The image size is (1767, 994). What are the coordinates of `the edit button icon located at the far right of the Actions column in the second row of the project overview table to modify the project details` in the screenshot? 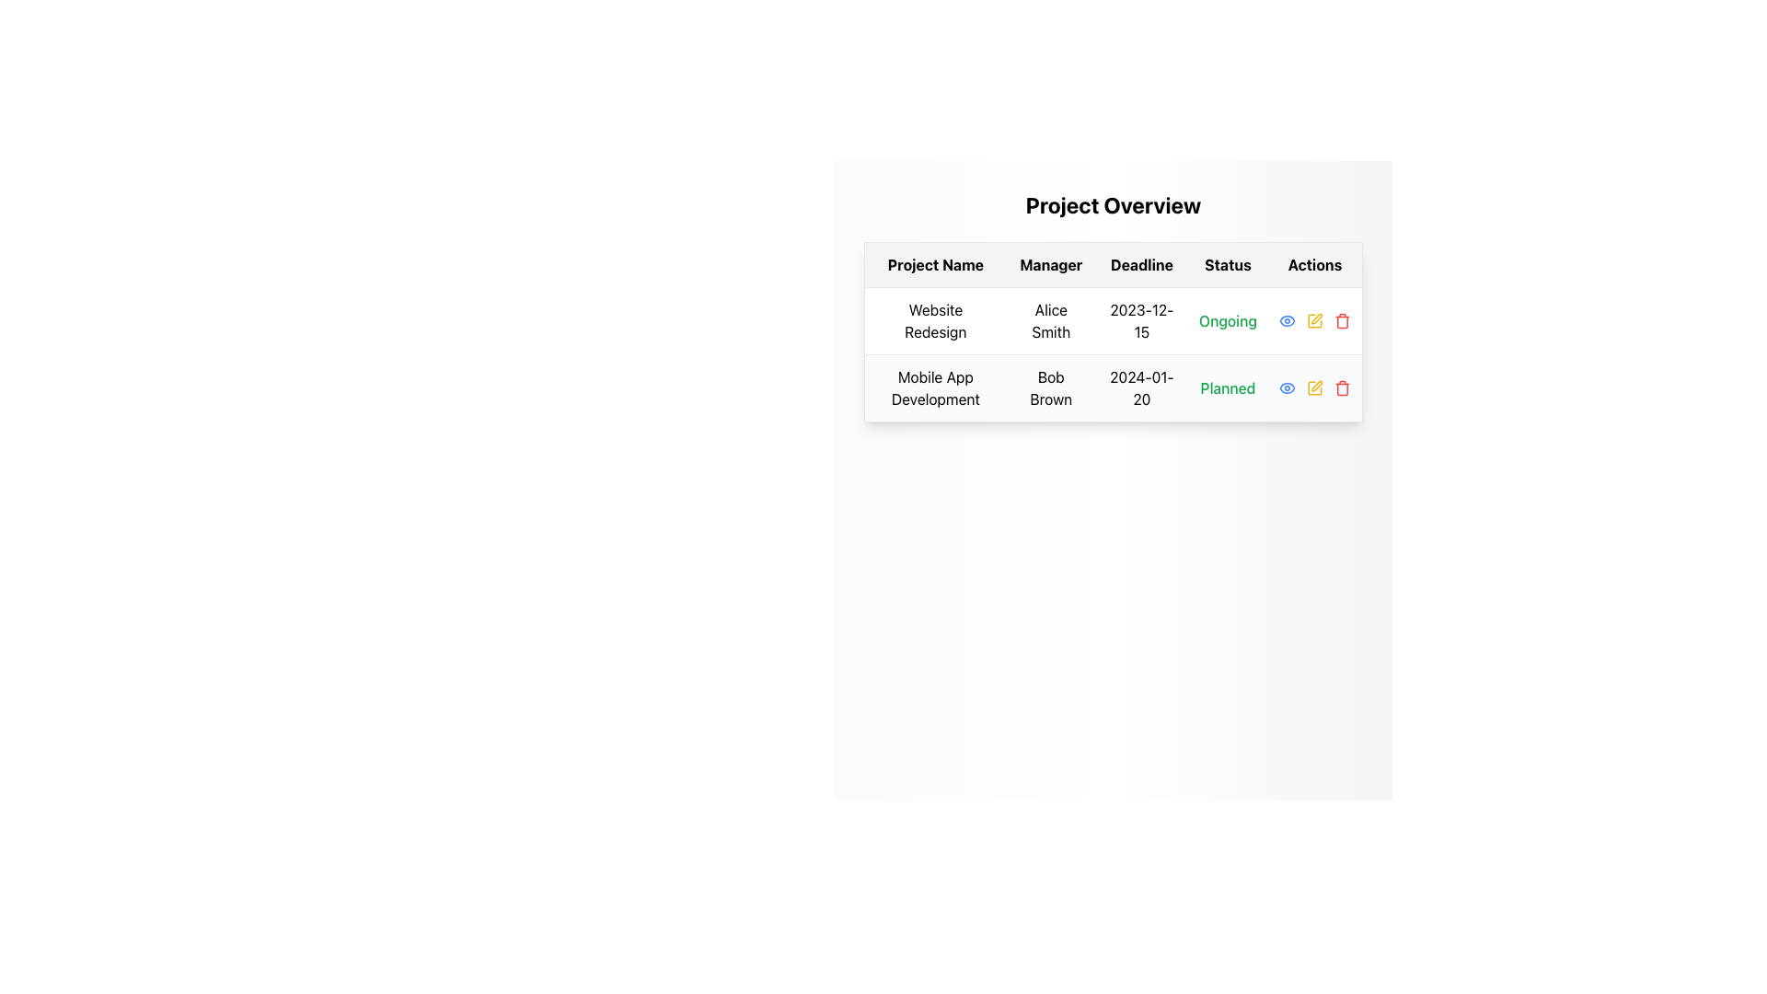 It's located at (1314, 387).